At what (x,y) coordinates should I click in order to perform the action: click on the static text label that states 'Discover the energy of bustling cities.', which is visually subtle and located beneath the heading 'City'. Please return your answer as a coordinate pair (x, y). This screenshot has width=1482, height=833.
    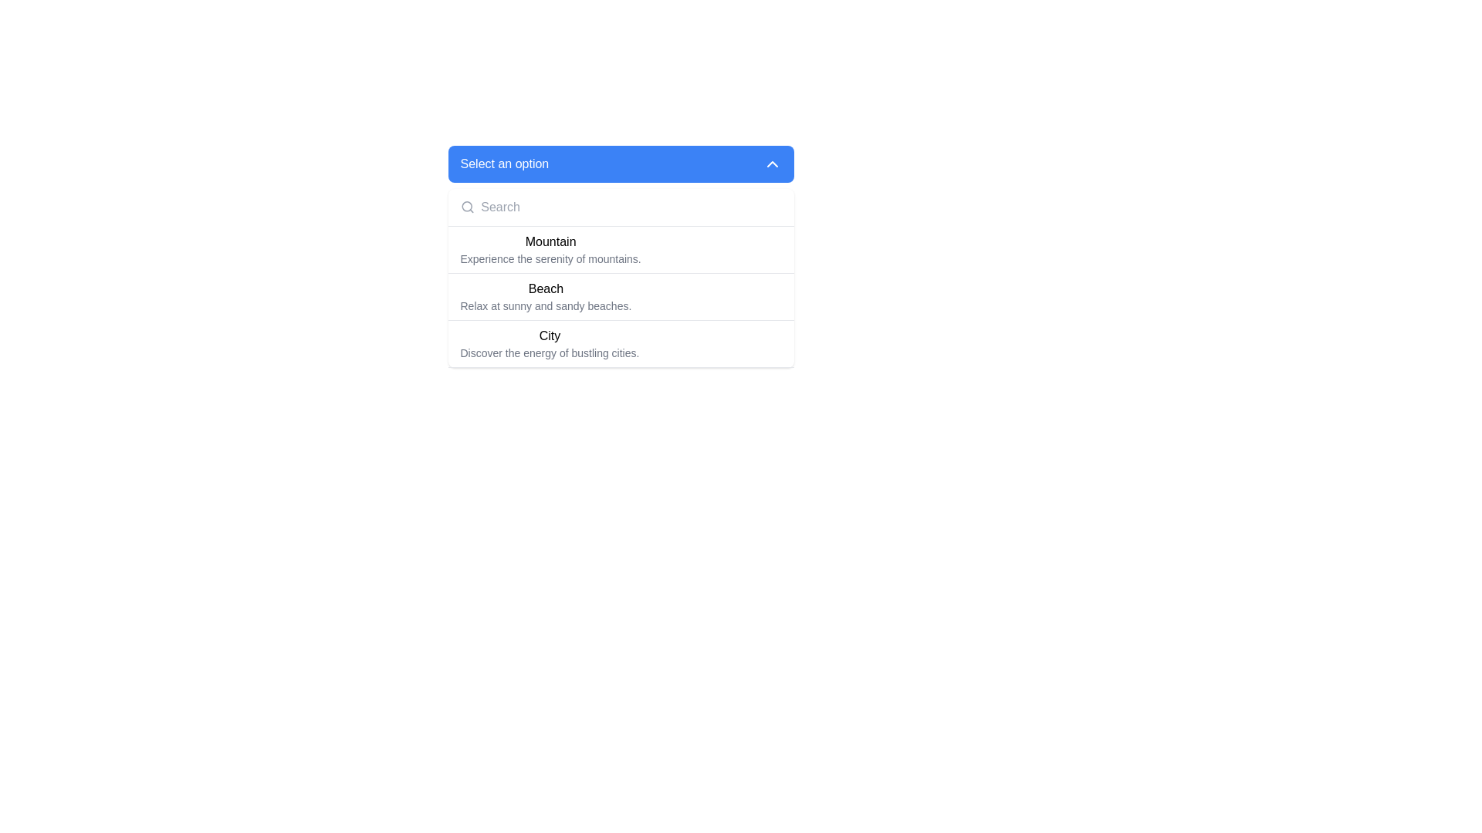
    Looking at the image, I should click on (550, 353).